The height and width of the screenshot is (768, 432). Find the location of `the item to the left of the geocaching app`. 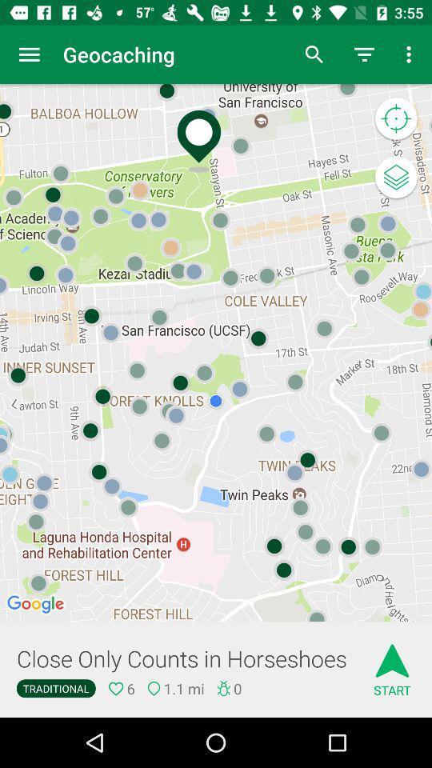

the item to the left of the geocaching app is located at coordinates (29, 54).